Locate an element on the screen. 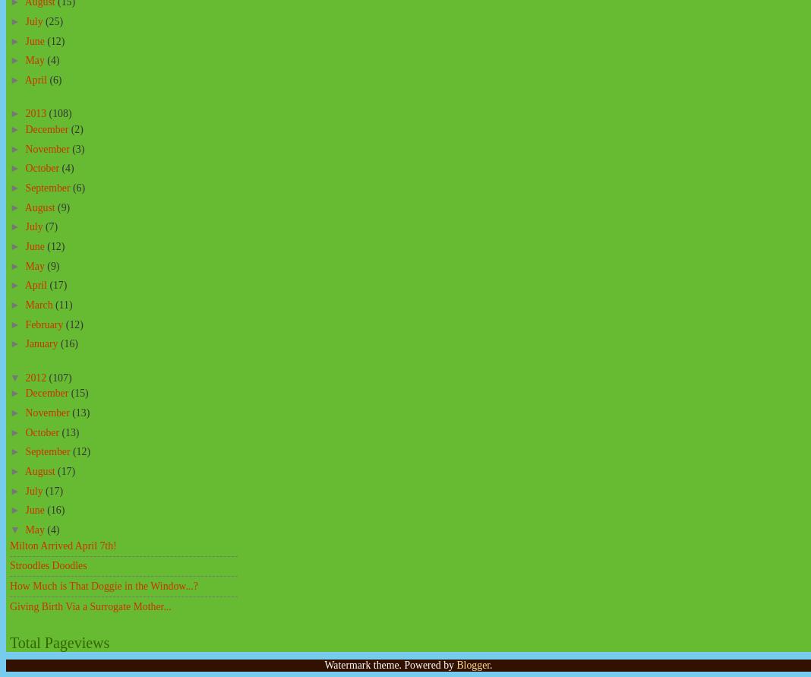 This screenshot has height=677, width=811. '(2)' is located at coordinates (76, 128).